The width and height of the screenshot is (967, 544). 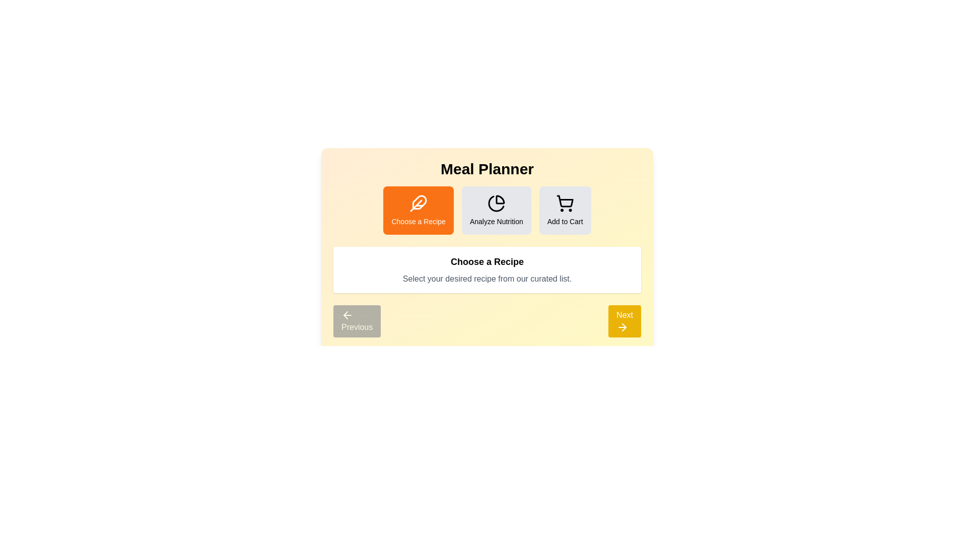 What do you see at coordinates (357, 321) in the screenshot?
I see `the 'Previous' button to navigate to the previous step` at bounding box center [357, 321].